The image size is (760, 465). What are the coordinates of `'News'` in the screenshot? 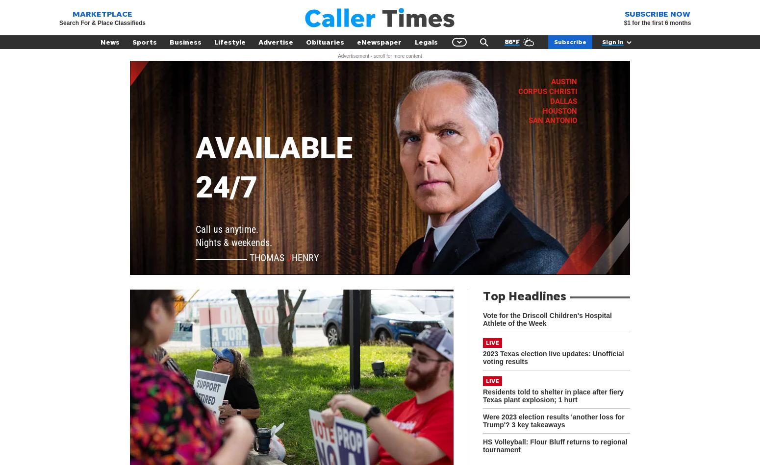 It's located at (100, 42).